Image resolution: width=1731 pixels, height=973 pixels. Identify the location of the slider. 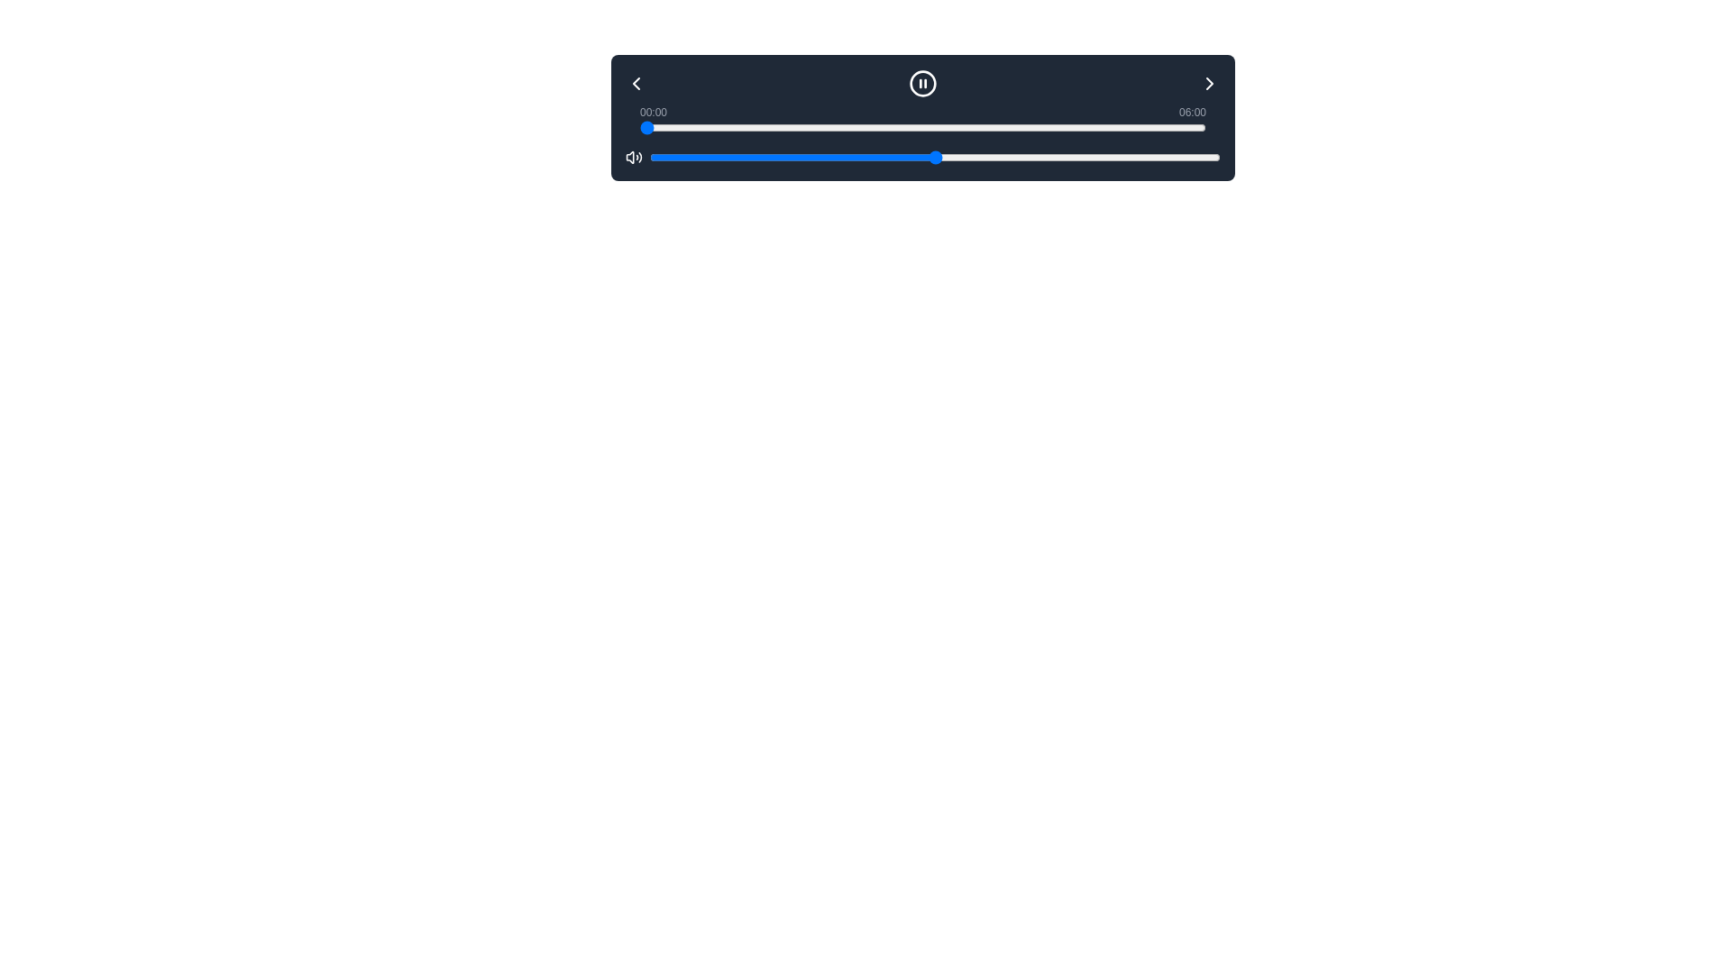
(686, 127).